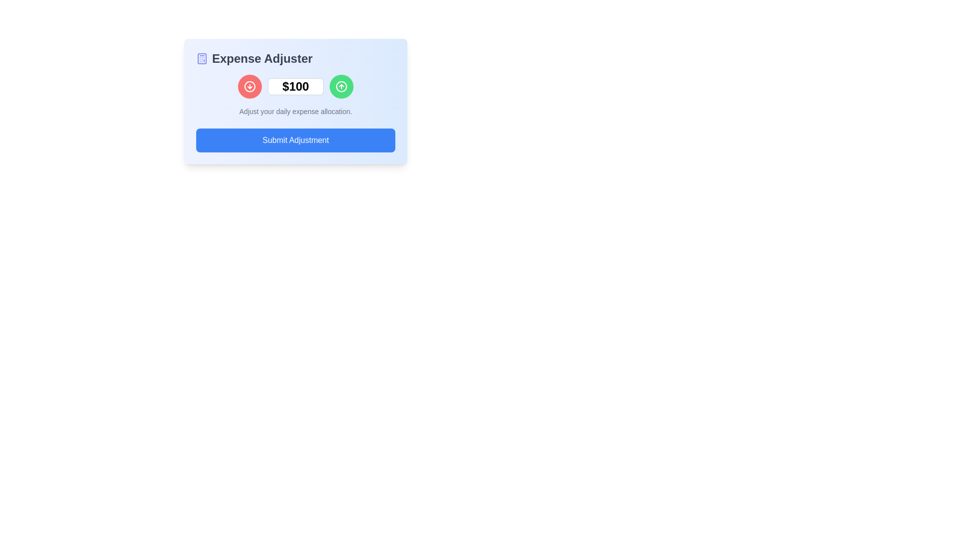 The width and height of the screenshot is (956, 538). Describe the element at coordinates (342, 86) in the screenshot. I see `the increment button, which is the rightmost button in a set of three, located at the center of the card, to observe visual feedback` at that location.